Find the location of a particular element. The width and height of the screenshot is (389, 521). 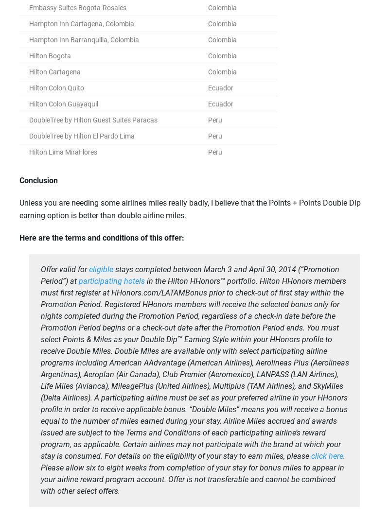

'participating hotels' is located at coordinates (111, 280).